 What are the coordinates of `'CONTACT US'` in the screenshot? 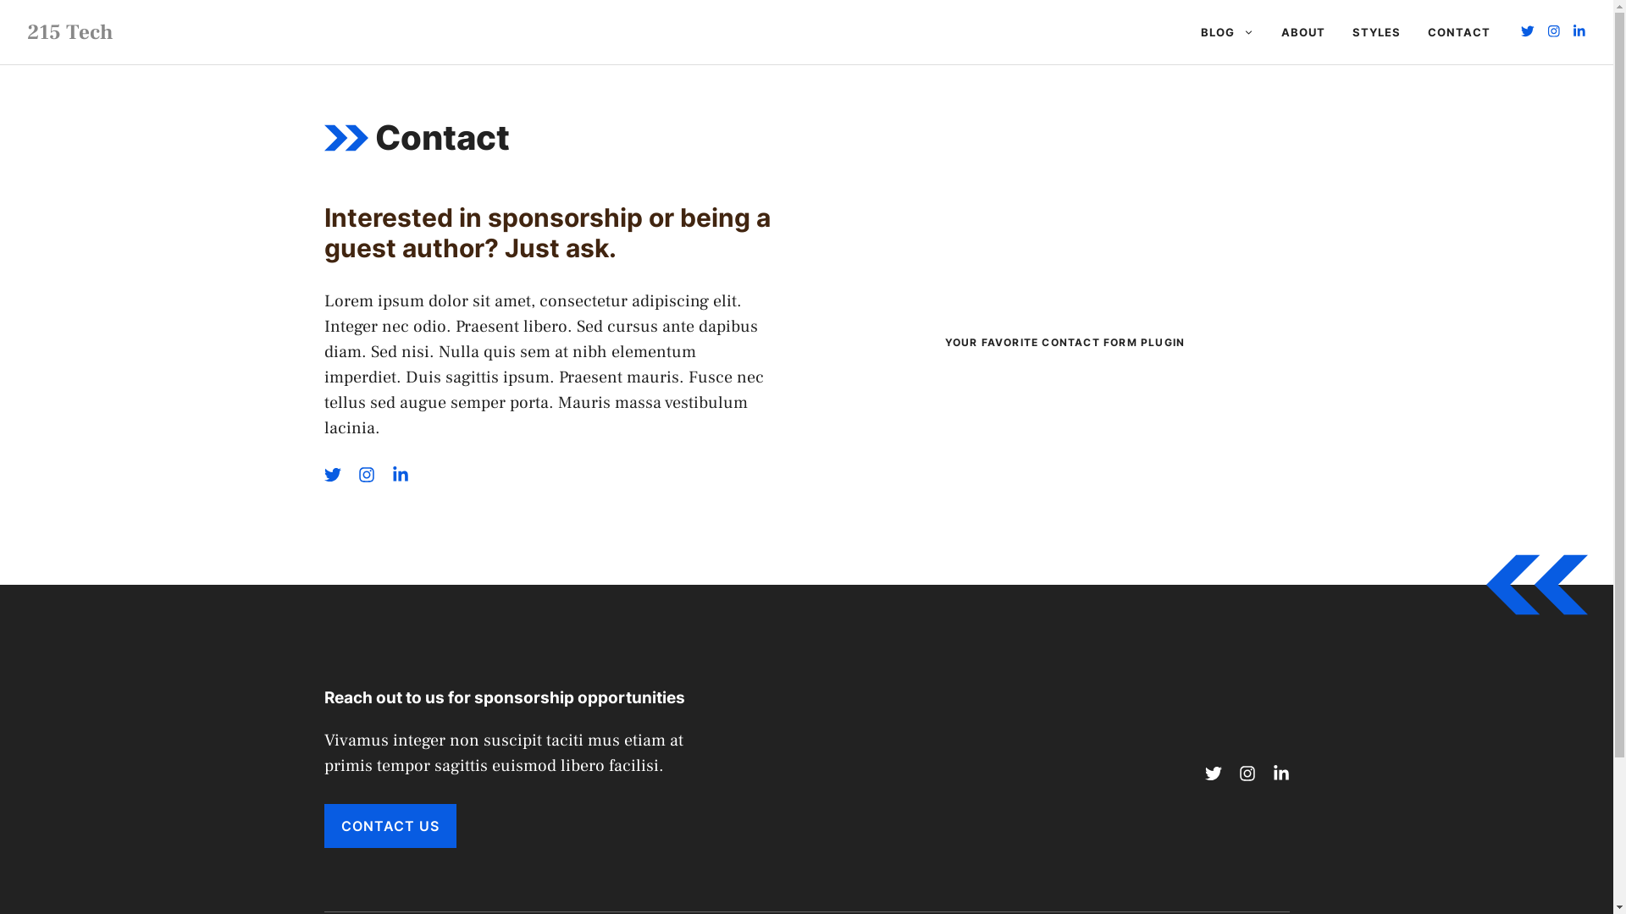 It's located at (324, 824).